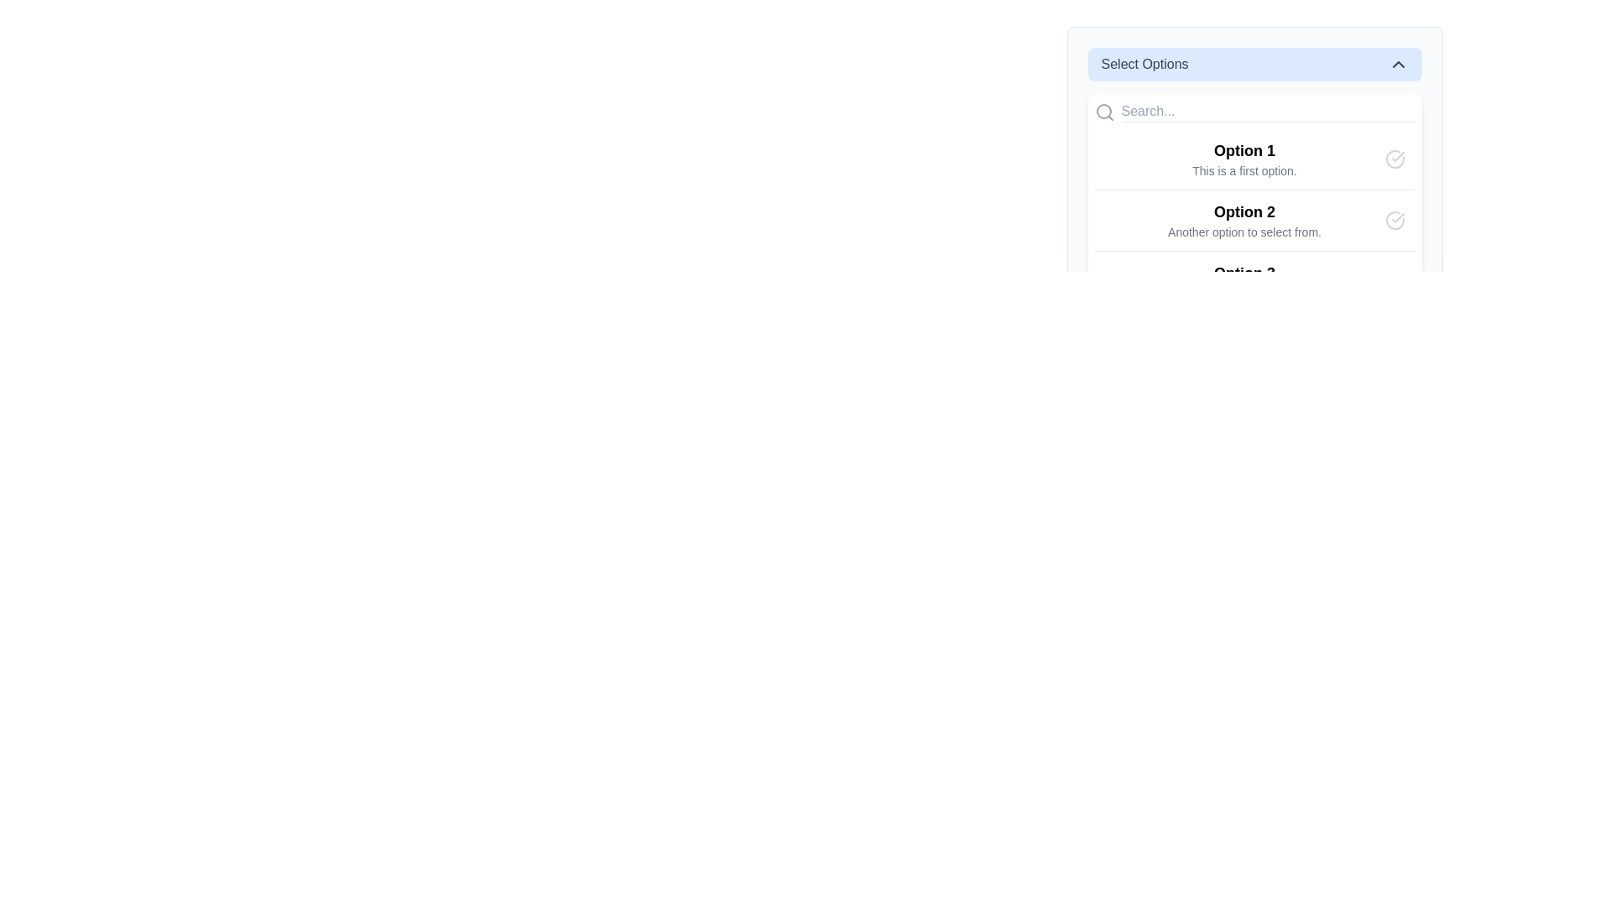 The height and width of the screenshot is (906, 1611). What do you see at coordinates (1103, 111) in the screenshot?
I see `the smaller circular component of the search icon located at the top-left corner of the dropdown interface` at bounding box center [1103, 111].